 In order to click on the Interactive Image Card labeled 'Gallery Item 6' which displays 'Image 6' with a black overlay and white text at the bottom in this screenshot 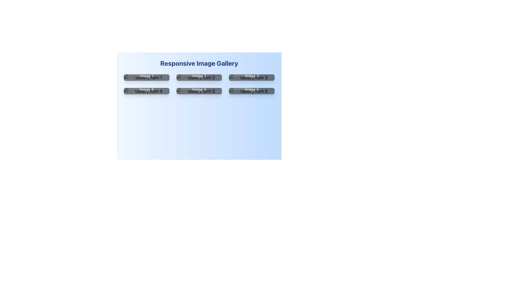, I will do `click(251, 91)`.